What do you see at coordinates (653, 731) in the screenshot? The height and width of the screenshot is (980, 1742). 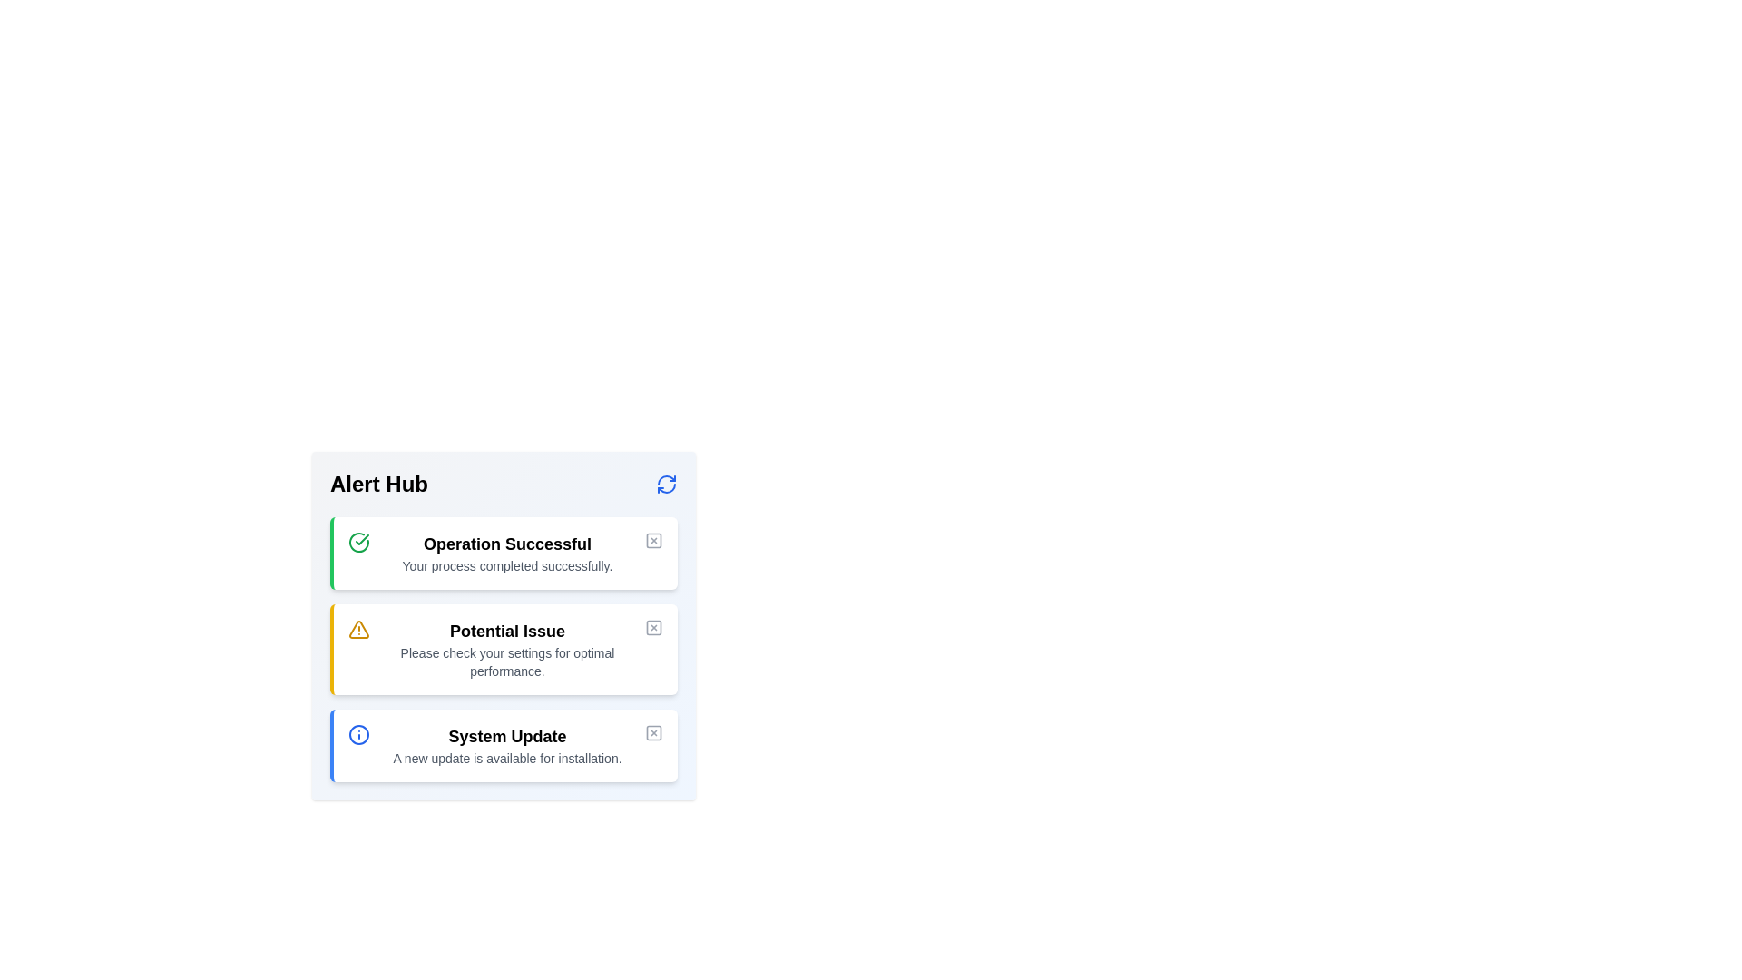 I see `the small square icon with an 'X' symbol inside, located in the bottom-right corner of the 'System Update' notification card` at bounding box center [653, 731].